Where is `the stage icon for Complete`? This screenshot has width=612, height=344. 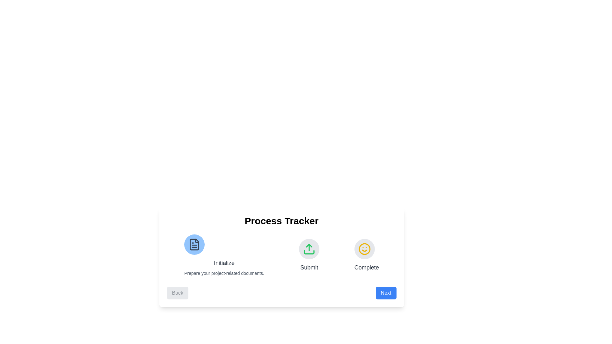 the stage icon for Complete is located at coordinates (364, 249).